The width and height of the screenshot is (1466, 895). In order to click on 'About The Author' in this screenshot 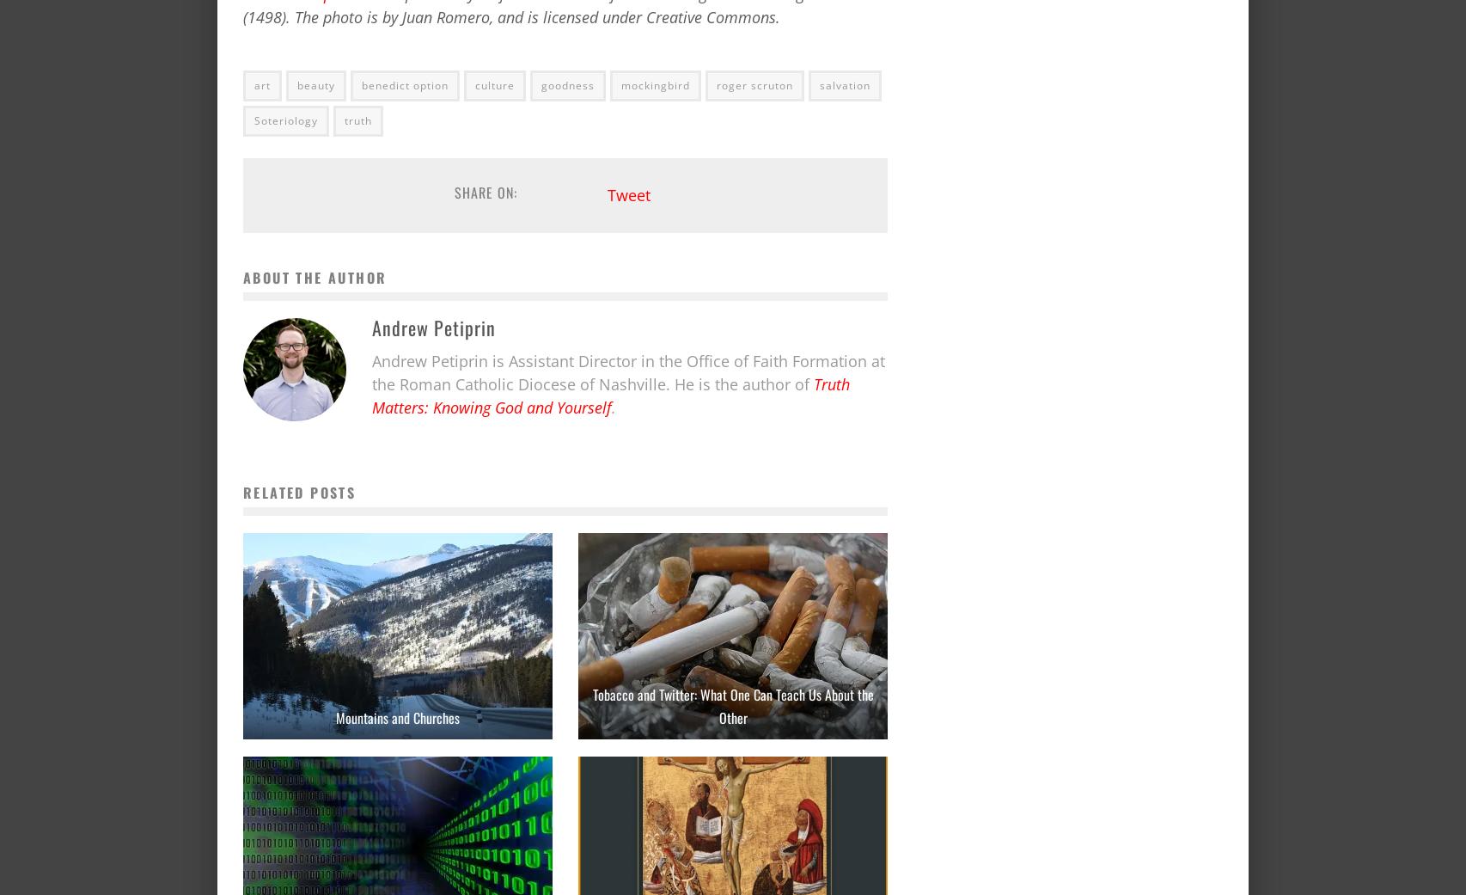, I will do `click(315, 276)`.